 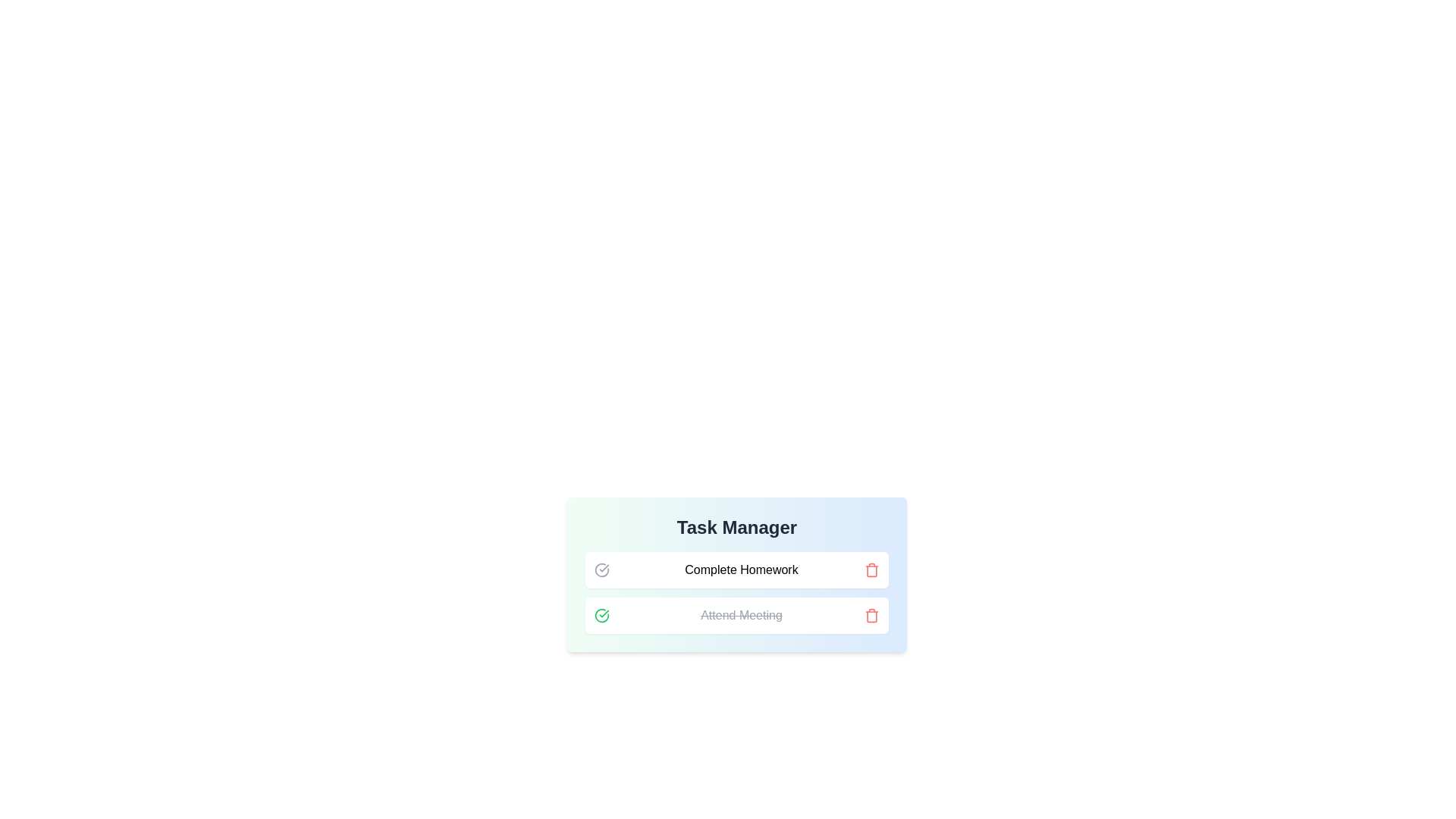 What do you see at coordinates (872, 570) in the screenshot?
I see `the trash icon to delete the task Complete Homework` at bounding box center [872, 570].